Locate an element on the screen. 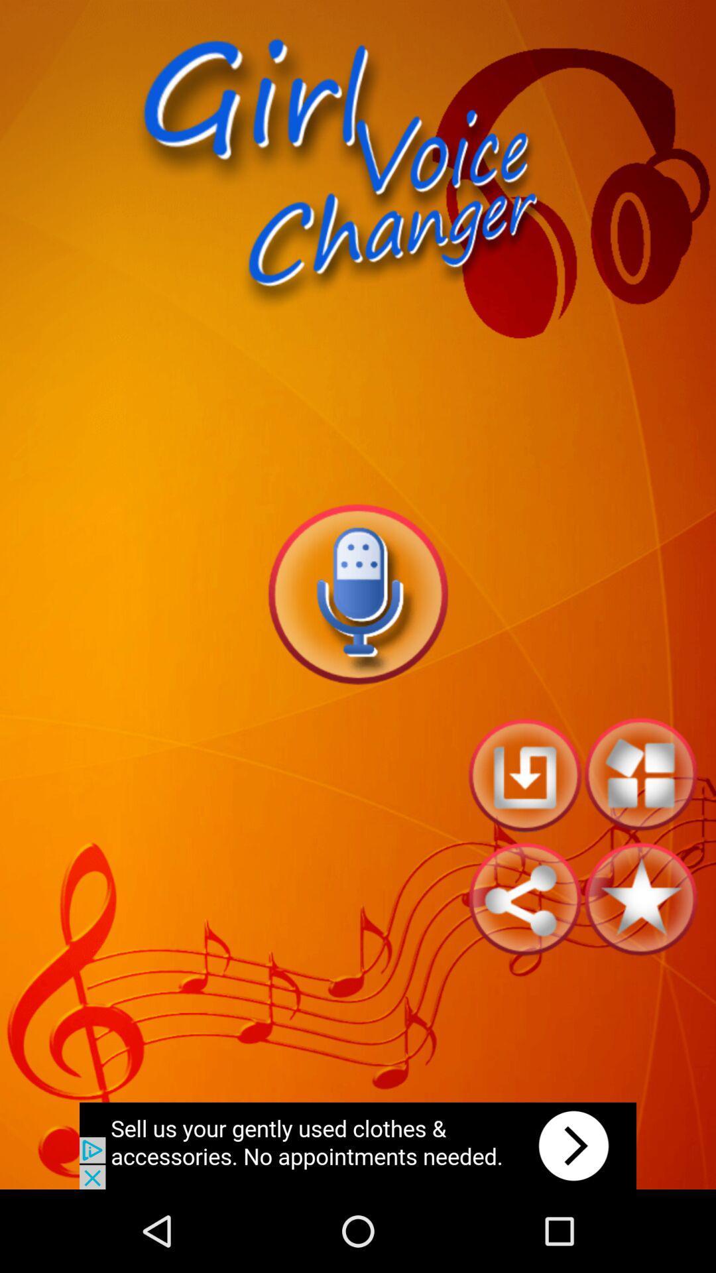 The width and height of the screenshot is (716, 1273). go back is located at coordinates (524, 774).